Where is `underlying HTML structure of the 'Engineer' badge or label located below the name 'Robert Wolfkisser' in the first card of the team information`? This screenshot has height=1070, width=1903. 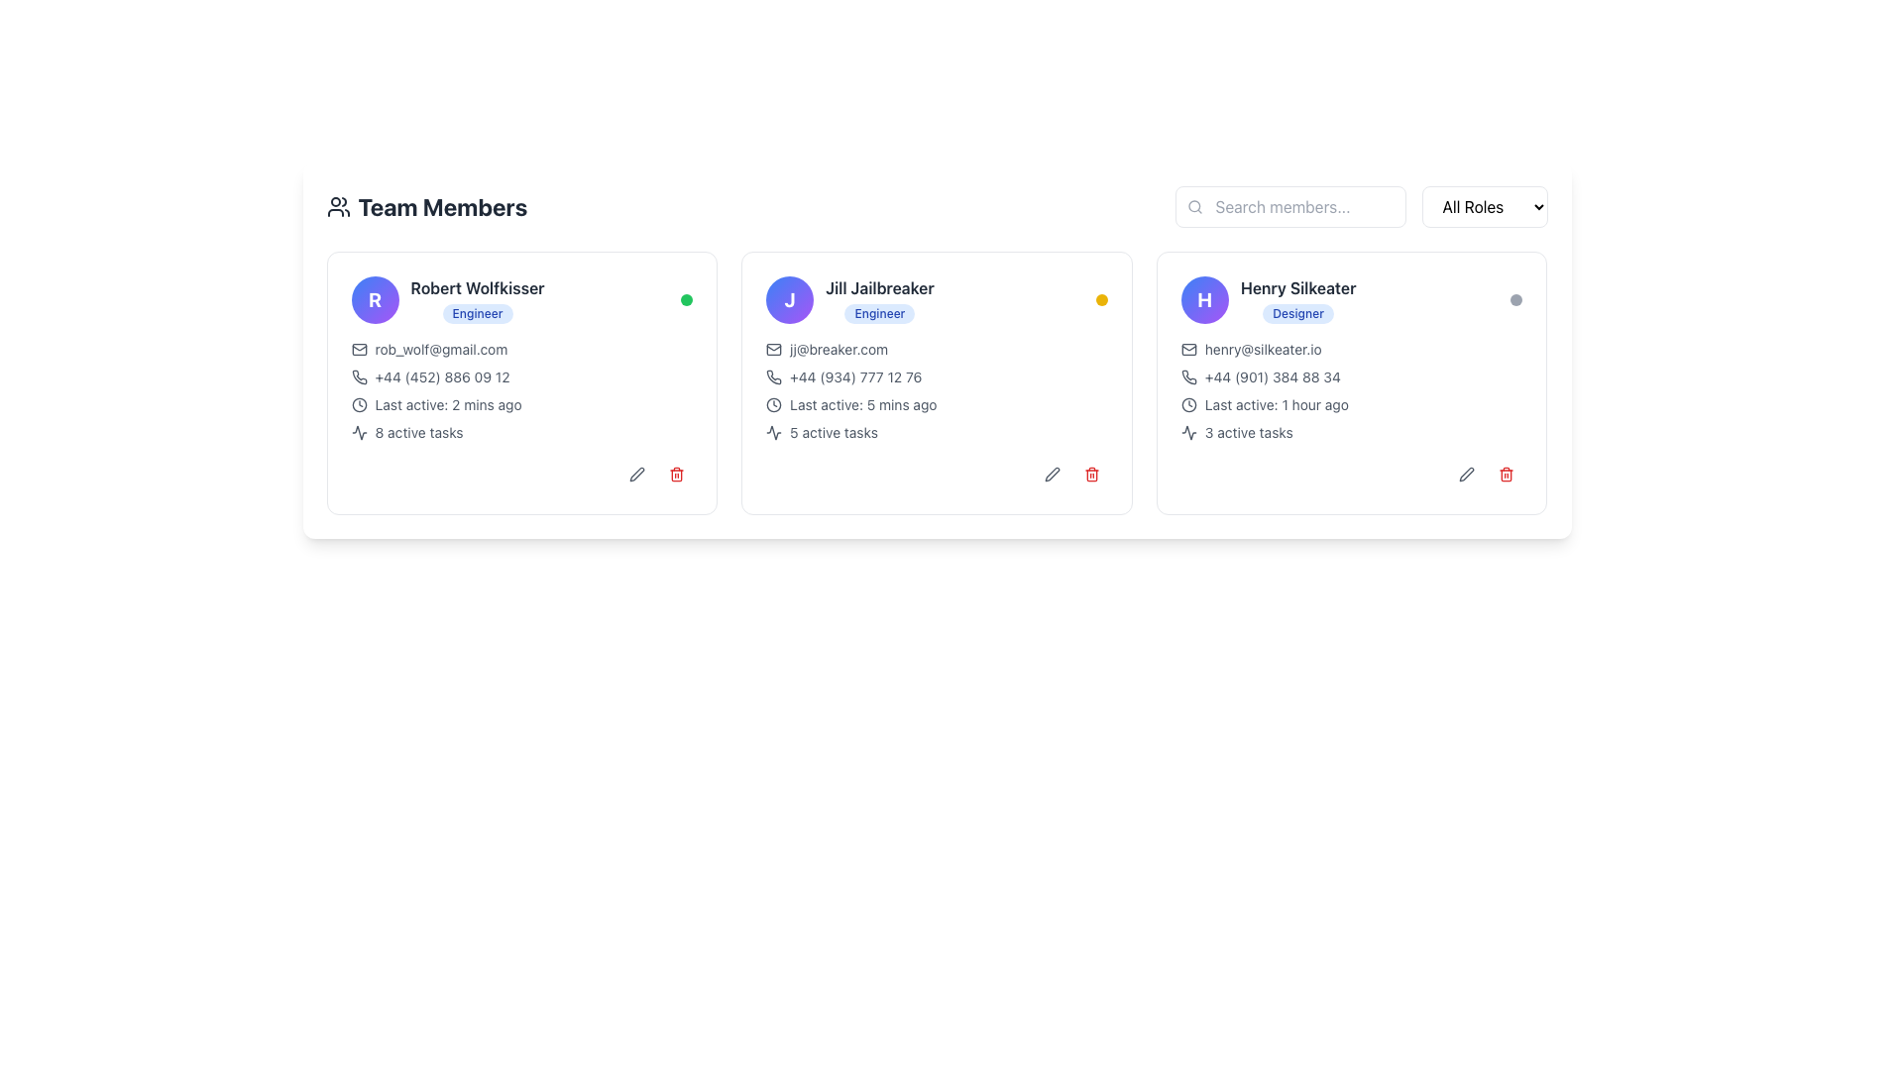 underlying HTML structure of the 'Engineer' badge or label located below the name 'Robert Wolfkisser' in the first card of the team information is located at coordinates (478, 312).